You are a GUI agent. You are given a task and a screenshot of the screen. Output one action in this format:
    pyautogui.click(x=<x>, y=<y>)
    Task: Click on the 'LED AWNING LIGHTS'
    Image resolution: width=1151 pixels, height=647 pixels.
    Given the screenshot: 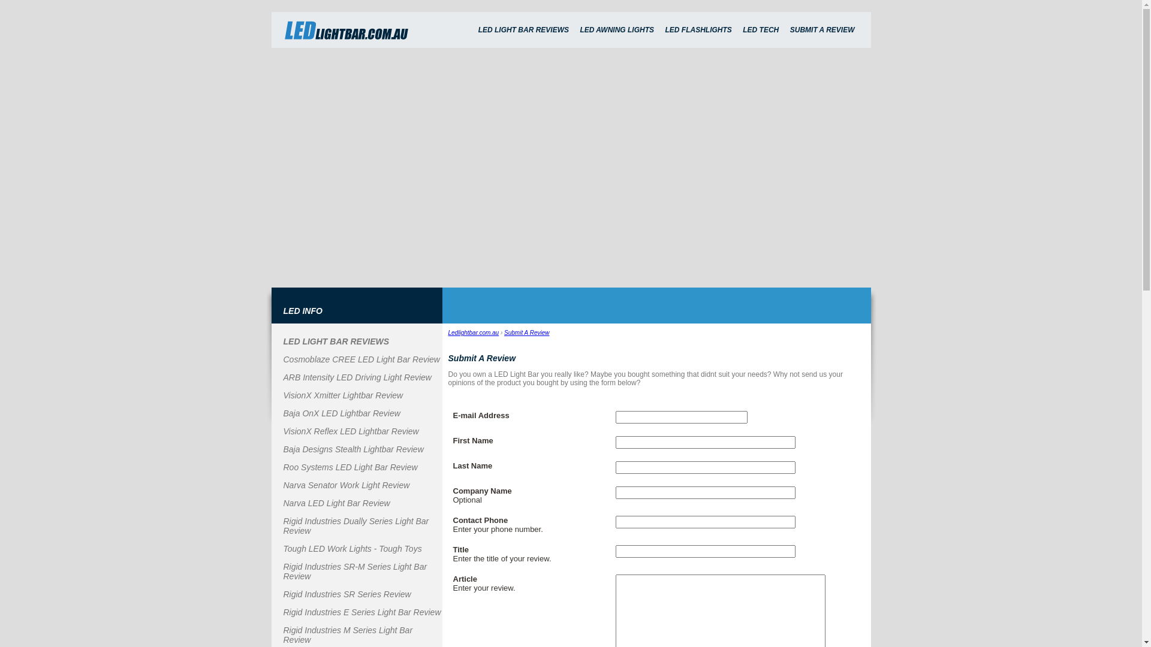 What is the action you would take?
    pyautogui.click(x=616, y=29)
    